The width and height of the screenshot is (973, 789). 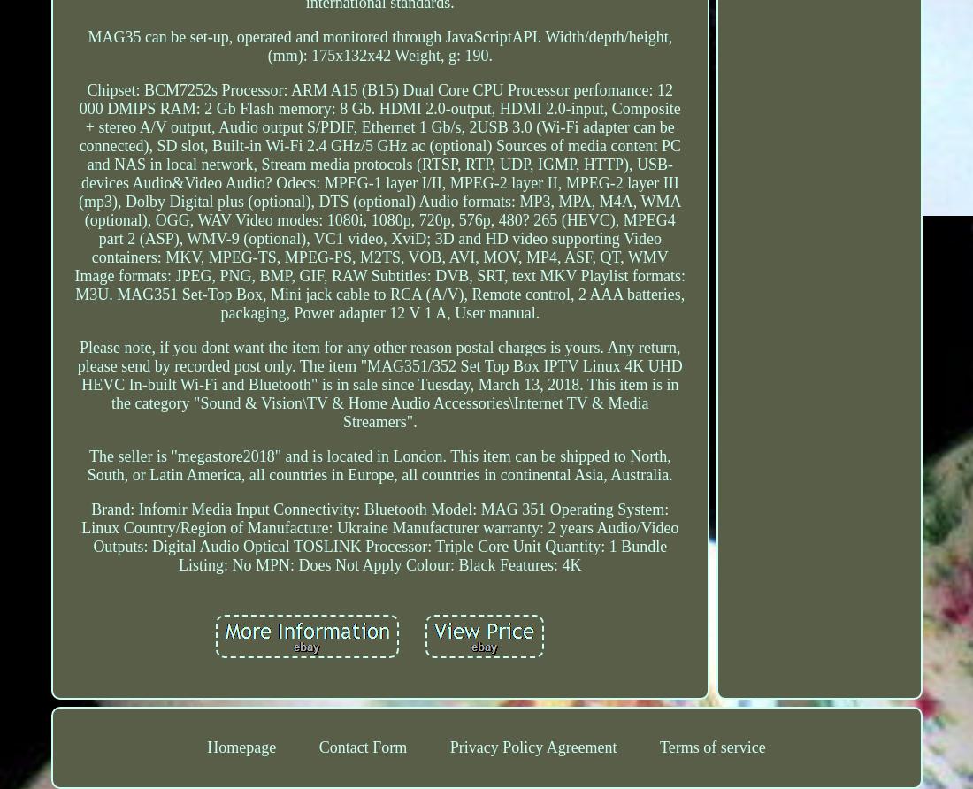 What do you see at coordinates (385, 536) in the screenshot?
I see `'Audio/Video Outputs: Digital Audio Optical TOSLINK'` at bounding box center [385, 536].